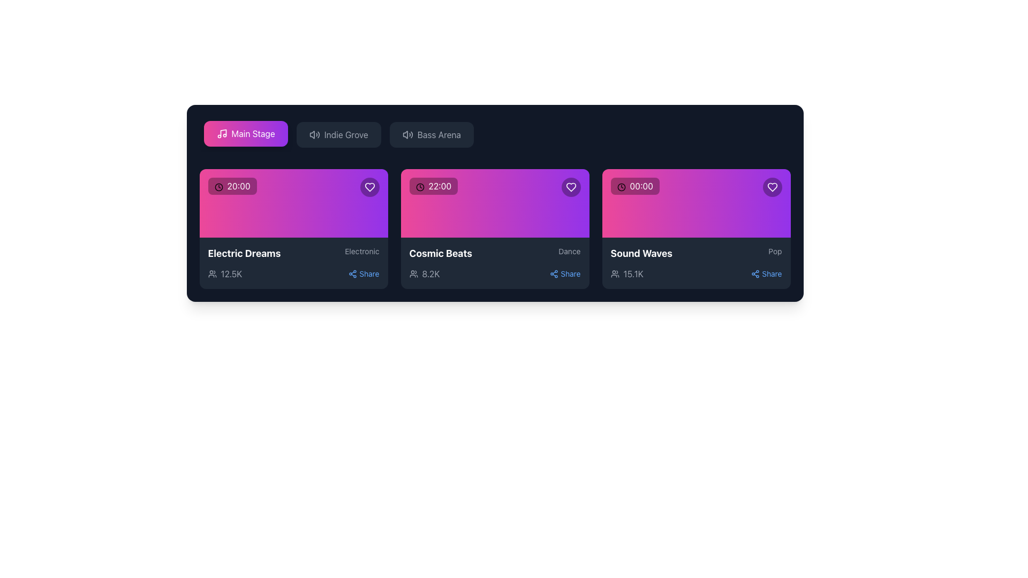  Describe the element at coordinates (432, 134) in the screenshot. I see `the third button in the horizontal list` at that location.